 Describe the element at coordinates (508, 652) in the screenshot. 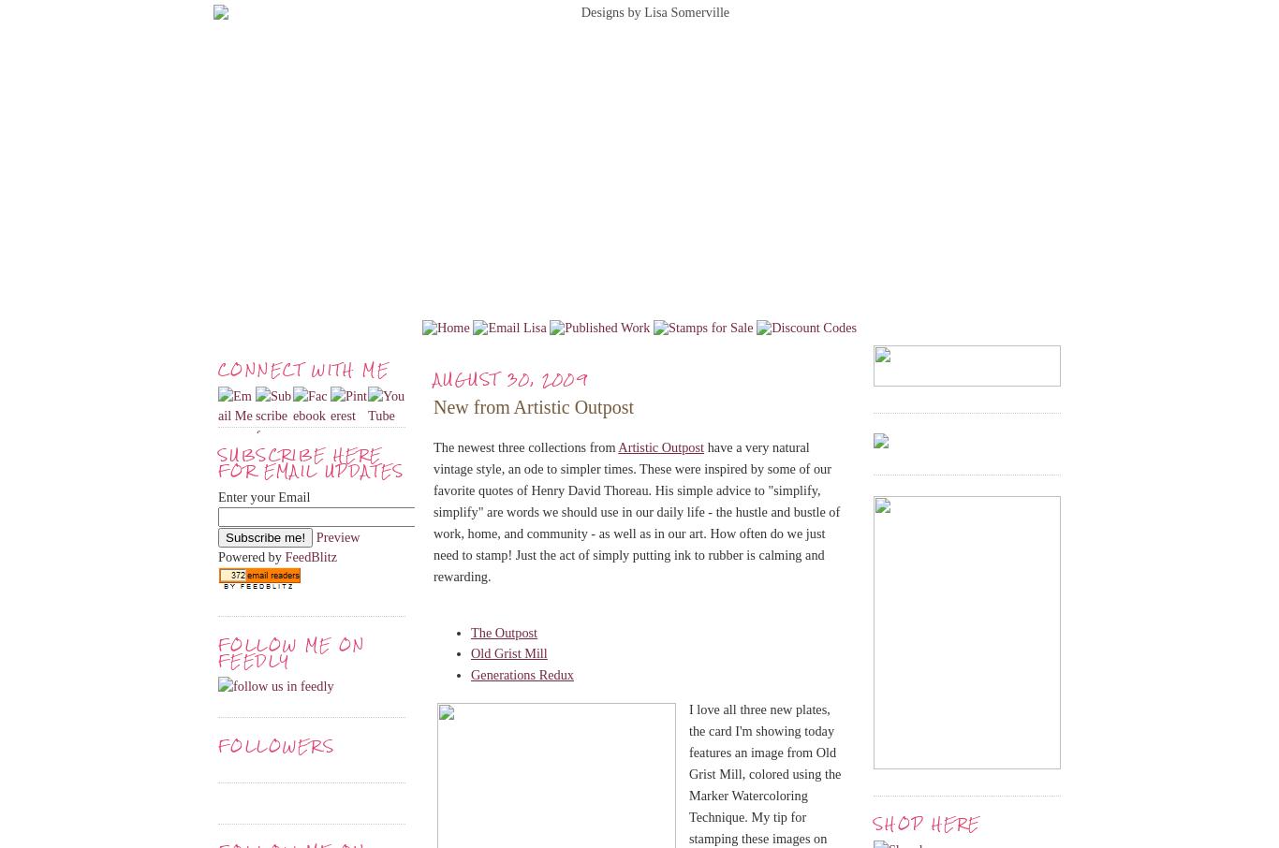

I see `'Old Grist Mill'` at that location.